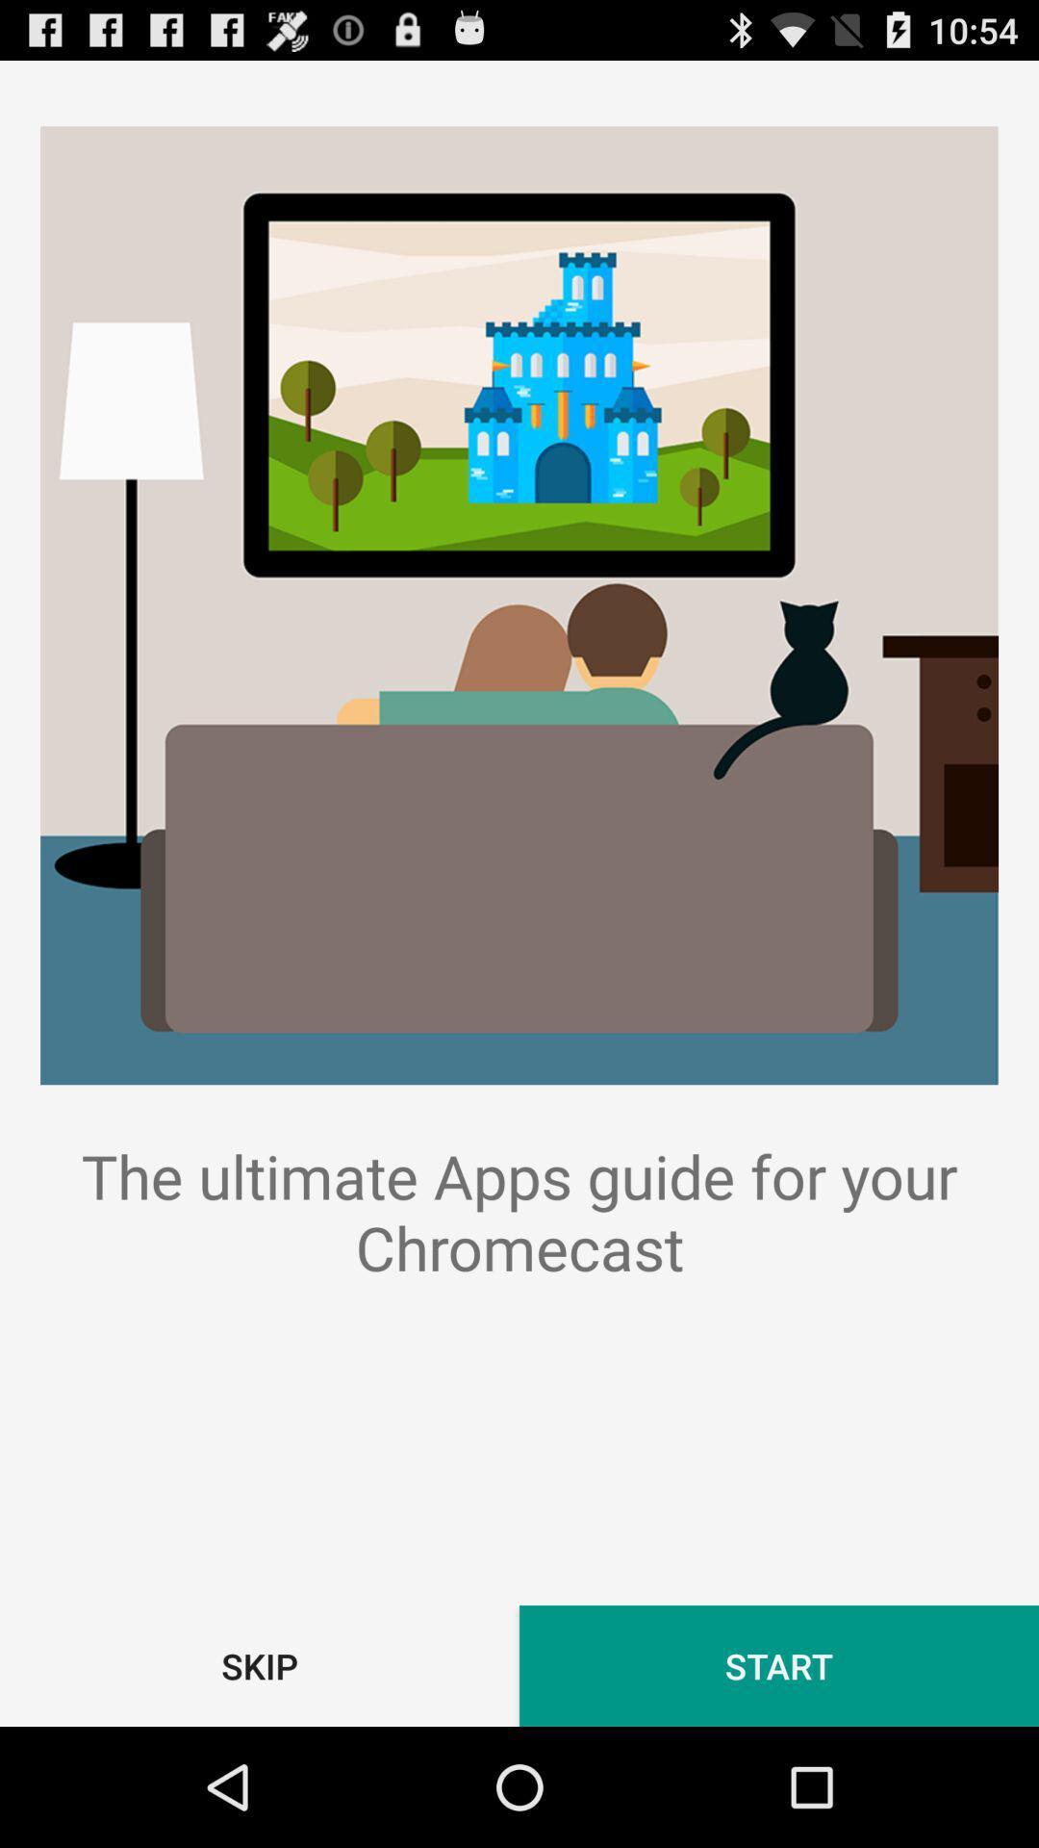 Image resolution: width=1039 pixels, height=1848 pixels. What do you see at coordinates (779, 1665) in the screenshot?
I see `the icon below the the ultimate apps app` at bounding box center [779, 1665].